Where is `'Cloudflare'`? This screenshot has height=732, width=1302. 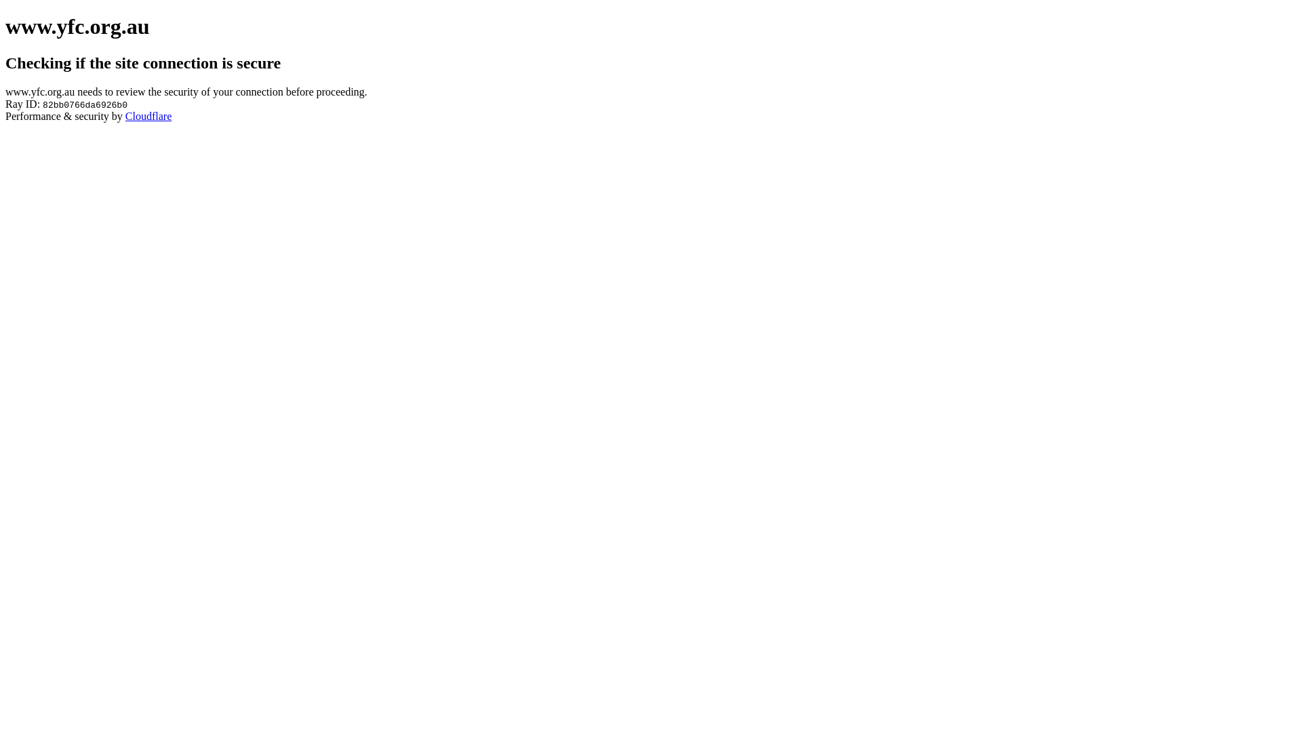 'Cloudflare' is located at coordinates (149, 115).